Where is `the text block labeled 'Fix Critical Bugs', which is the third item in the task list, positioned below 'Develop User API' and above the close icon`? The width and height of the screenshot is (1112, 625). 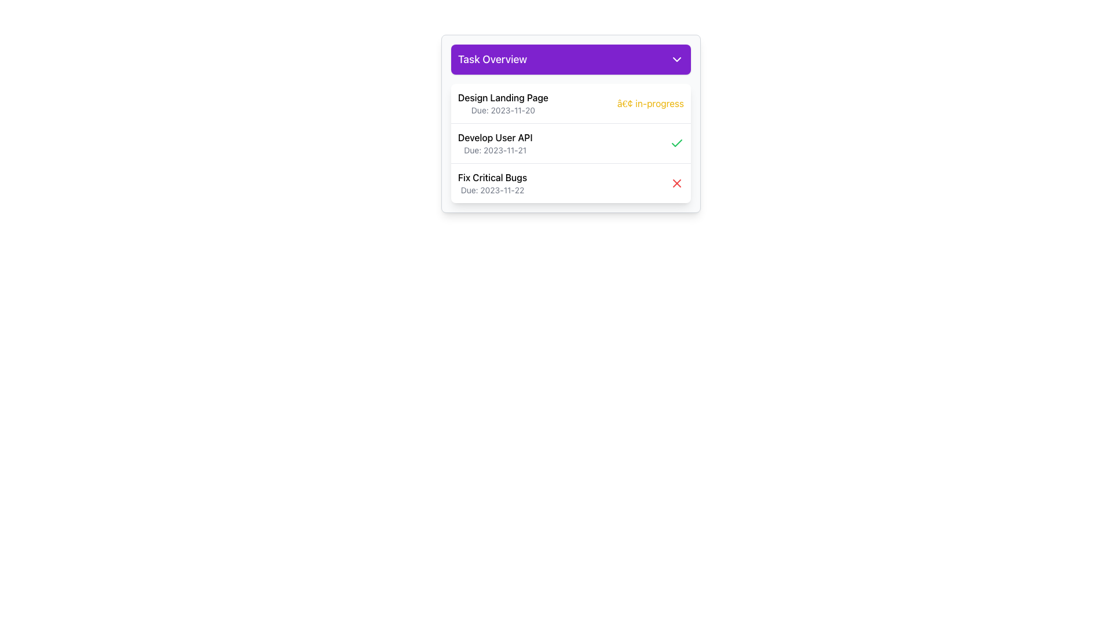 the text block labeled 'Fix Critical Bugs', which is the third item in the task list, positioned below 'Develop User API' and above the close icon is located at coordinates (492, 182).